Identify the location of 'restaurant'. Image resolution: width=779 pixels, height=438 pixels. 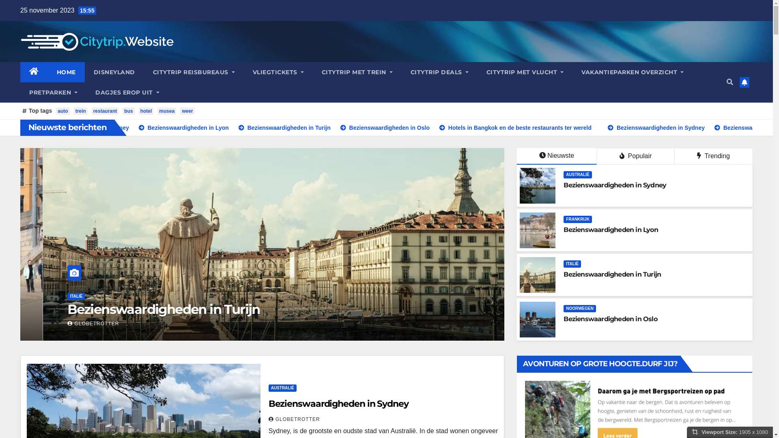
(105, 111).